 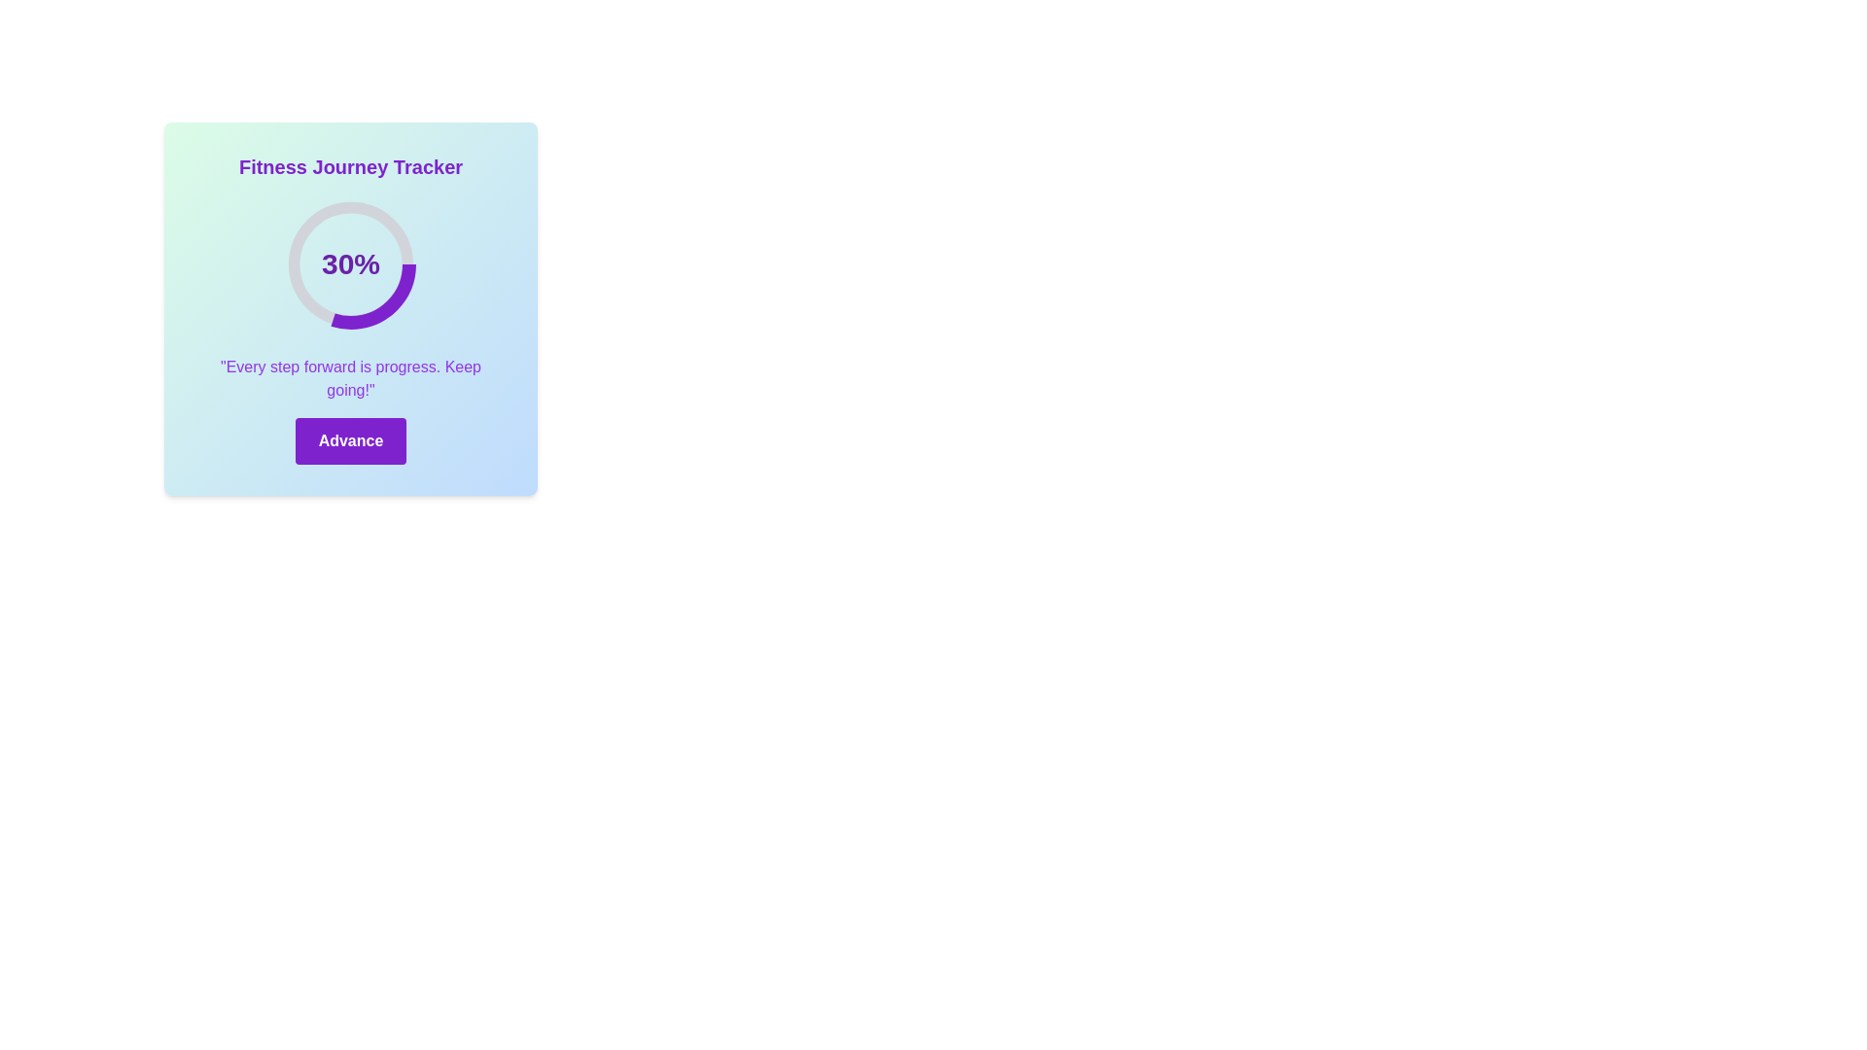 What do you see at coordinates (350, 441) in the screenshot?
I see `the button with the bold purple background and white text reading 'Advance' to activate the ring effect` at bounding box center [350, 441].